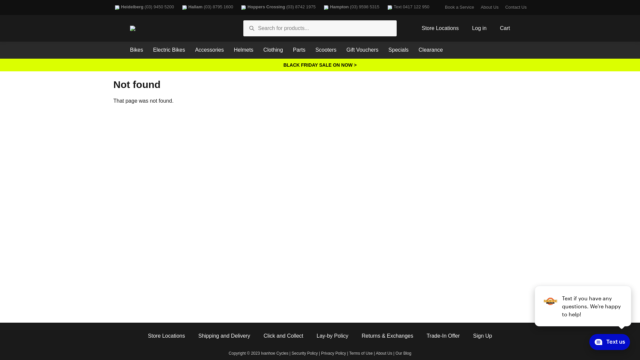 The image size is (640, 360). Describe the element at coordinates (277, 7) in the screenshot. I see `'Hoppers Crossing (03) 8742 1975'` at that location.